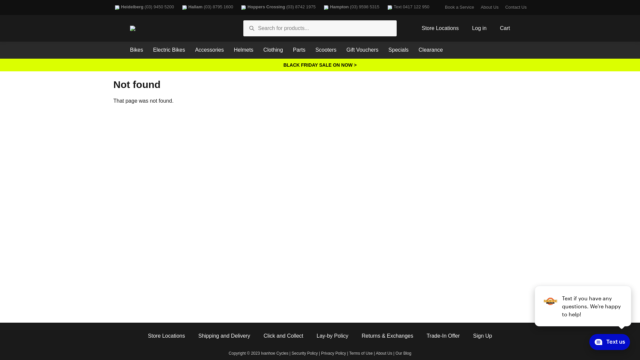 The image size is (640, 360). Describe the element at coordinates (277, 7) in the screenshot. I see `'Hoppers Crossing (03) 8742 1975'` at that location.